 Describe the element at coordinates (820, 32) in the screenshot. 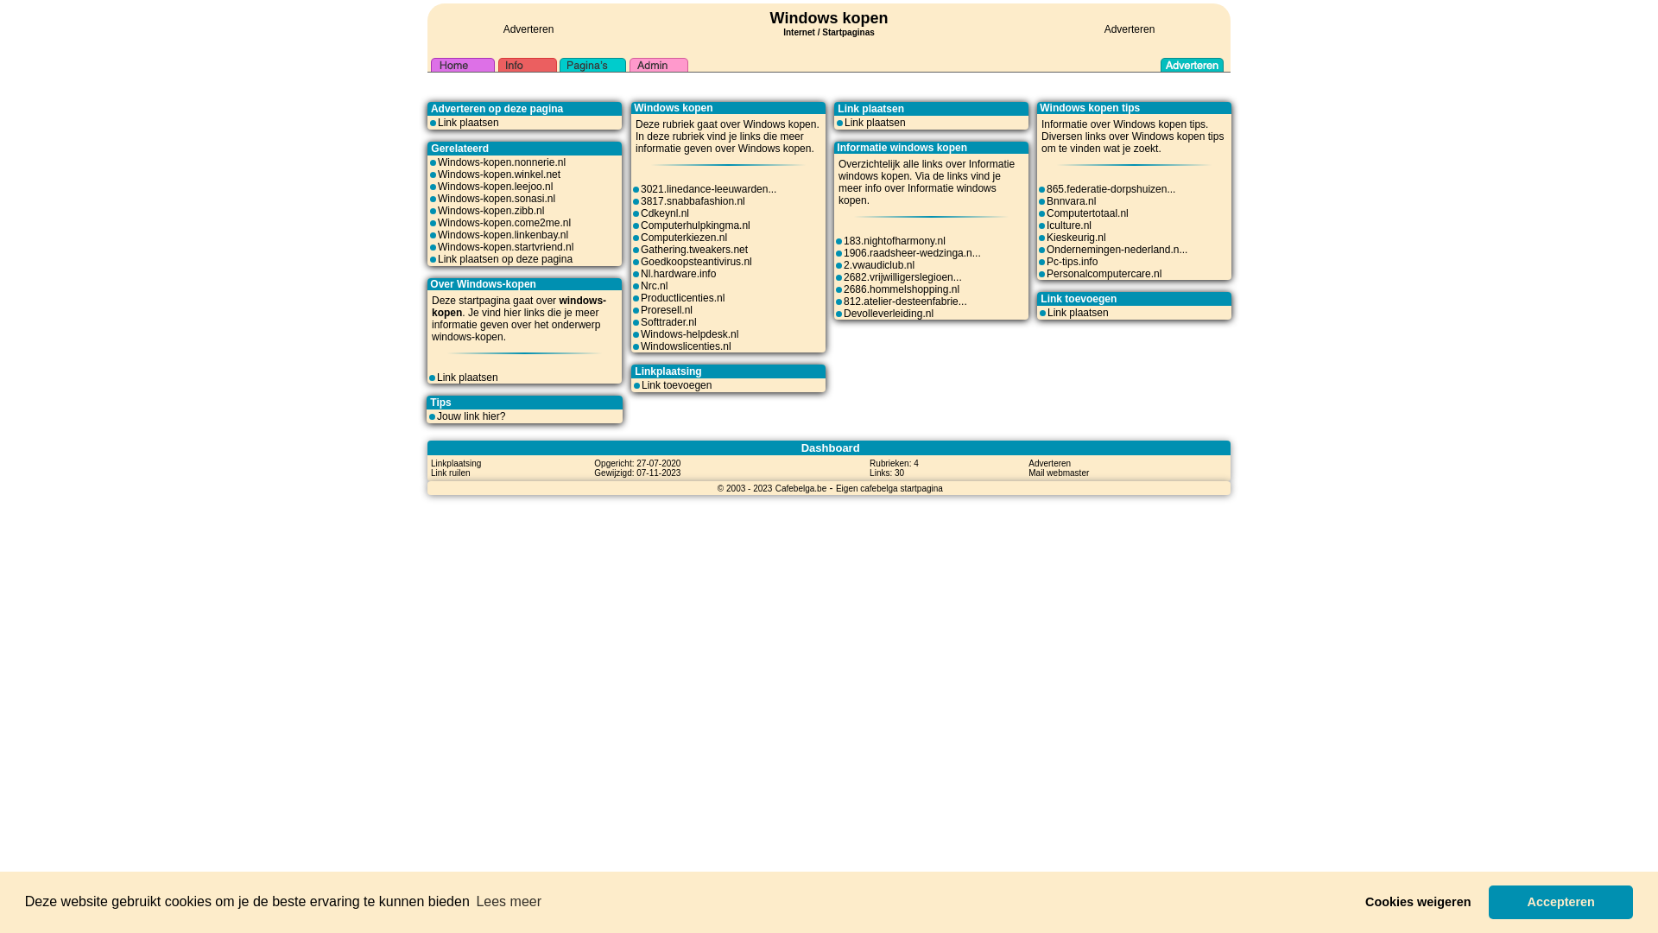

I see `'Startpaginas'` at that location.